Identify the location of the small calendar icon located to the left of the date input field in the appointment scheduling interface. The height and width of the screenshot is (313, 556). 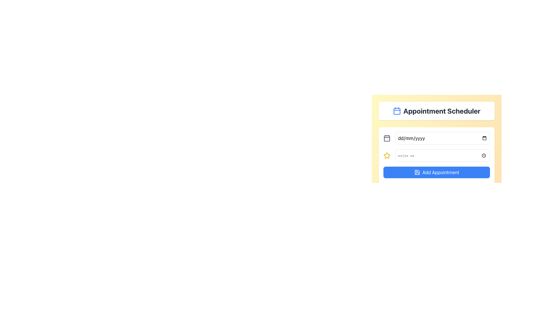
(387, 138).